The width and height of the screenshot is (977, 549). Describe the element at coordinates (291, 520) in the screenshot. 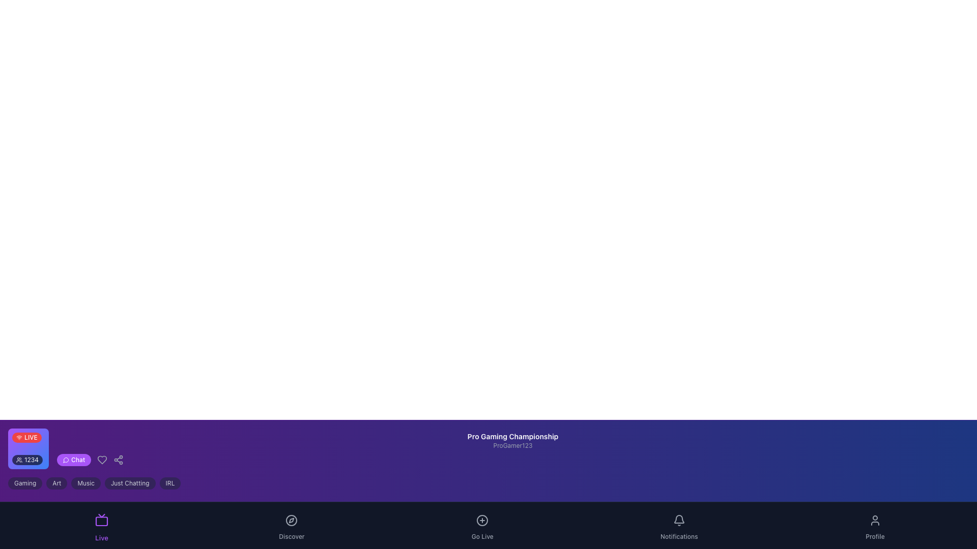

I see `the stylized compass icon in the bottom navigation bar` at that location.